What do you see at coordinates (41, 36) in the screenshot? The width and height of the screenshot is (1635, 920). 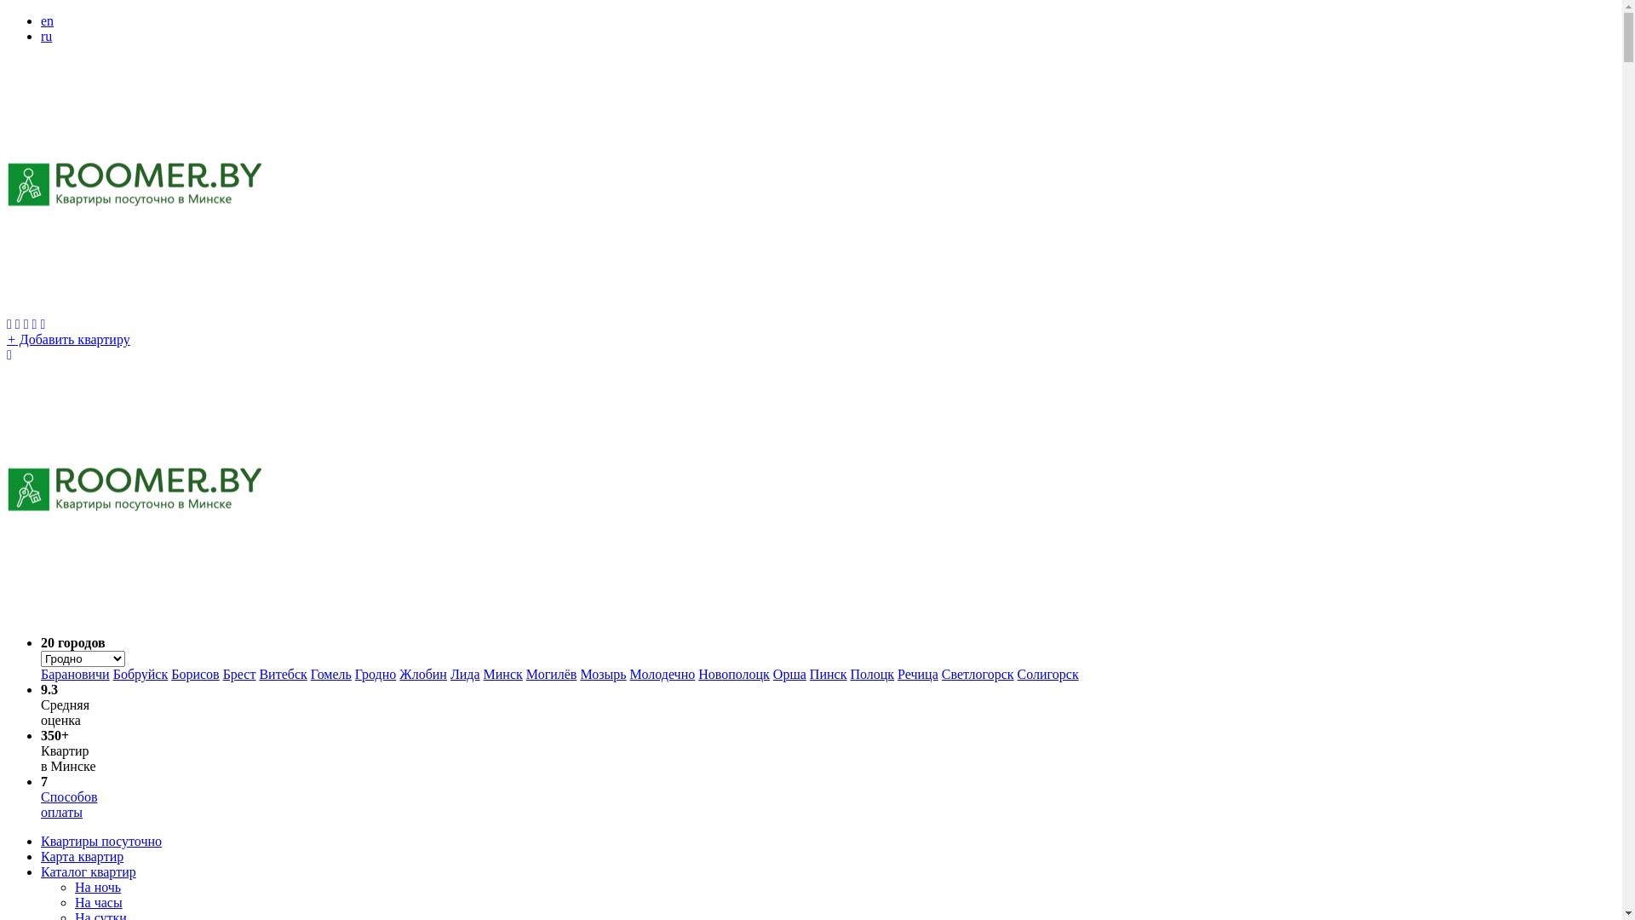 I see `'ru'` at bounding box center [41, 36].